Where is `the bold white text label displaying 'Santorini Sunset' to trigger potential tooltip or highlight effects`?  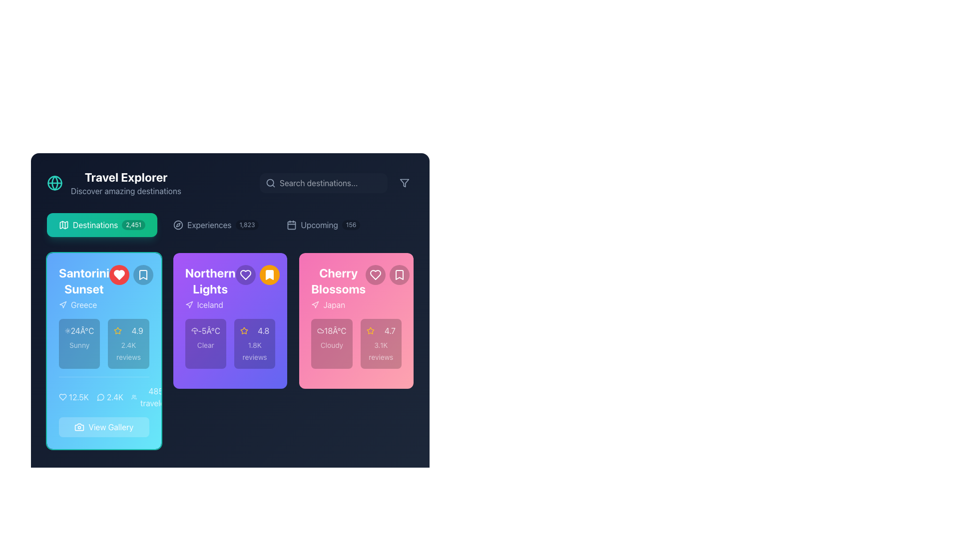
the bold white text label displaying 'Santorini Sunset' to trigger potential tooltip or highlight effects is located at coordinates (84, 281).